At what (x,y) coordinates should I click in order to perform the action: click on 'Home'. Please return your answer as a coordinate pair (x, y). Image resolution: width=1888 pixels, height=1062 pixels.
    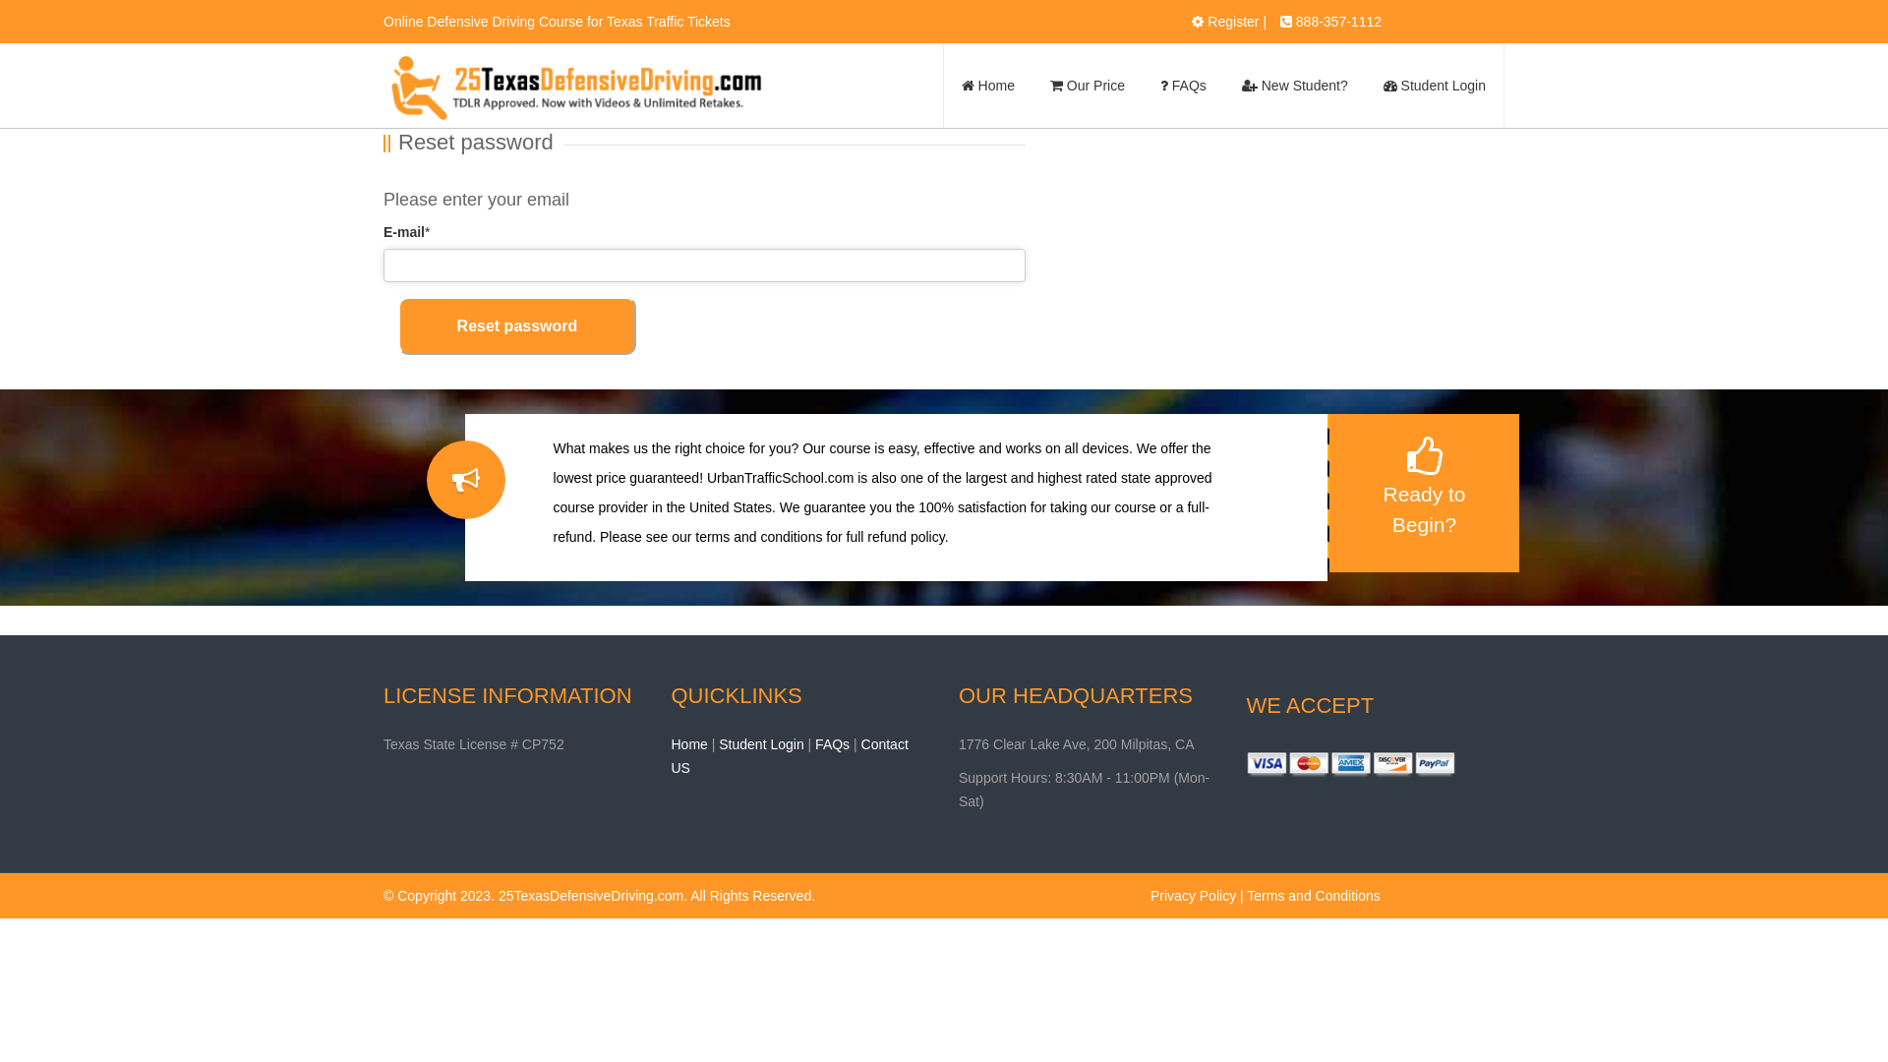
    Looking at the image, I should click on (688, 743).